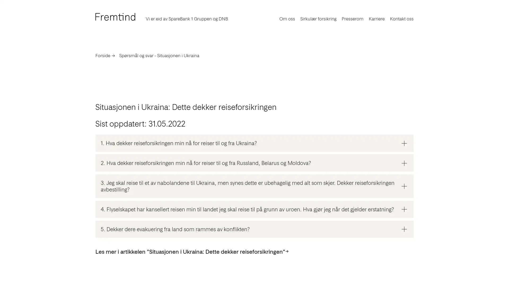  Describe the element at coordinates (254, 229) in the screenshot. I see `5. Dekker dere evakuering fra land som rammes av konflikten?` at that location.